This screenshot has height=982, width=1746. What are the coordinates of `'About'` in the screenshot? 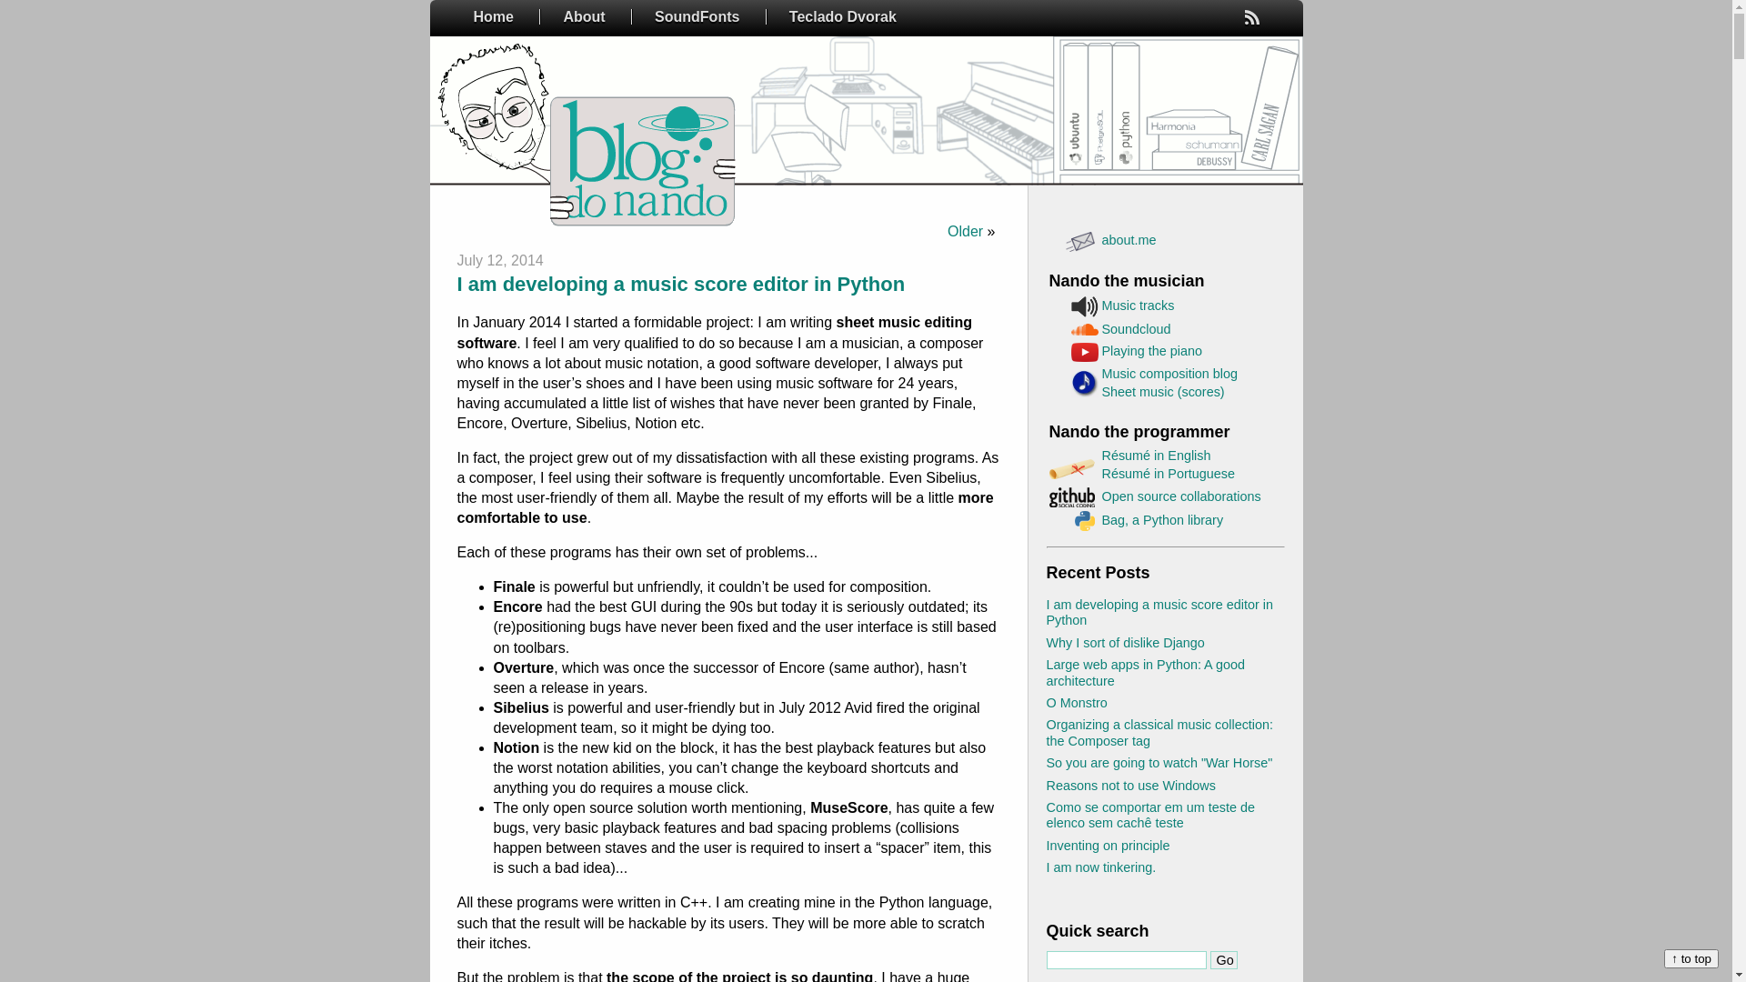 It's located at (583, 16).